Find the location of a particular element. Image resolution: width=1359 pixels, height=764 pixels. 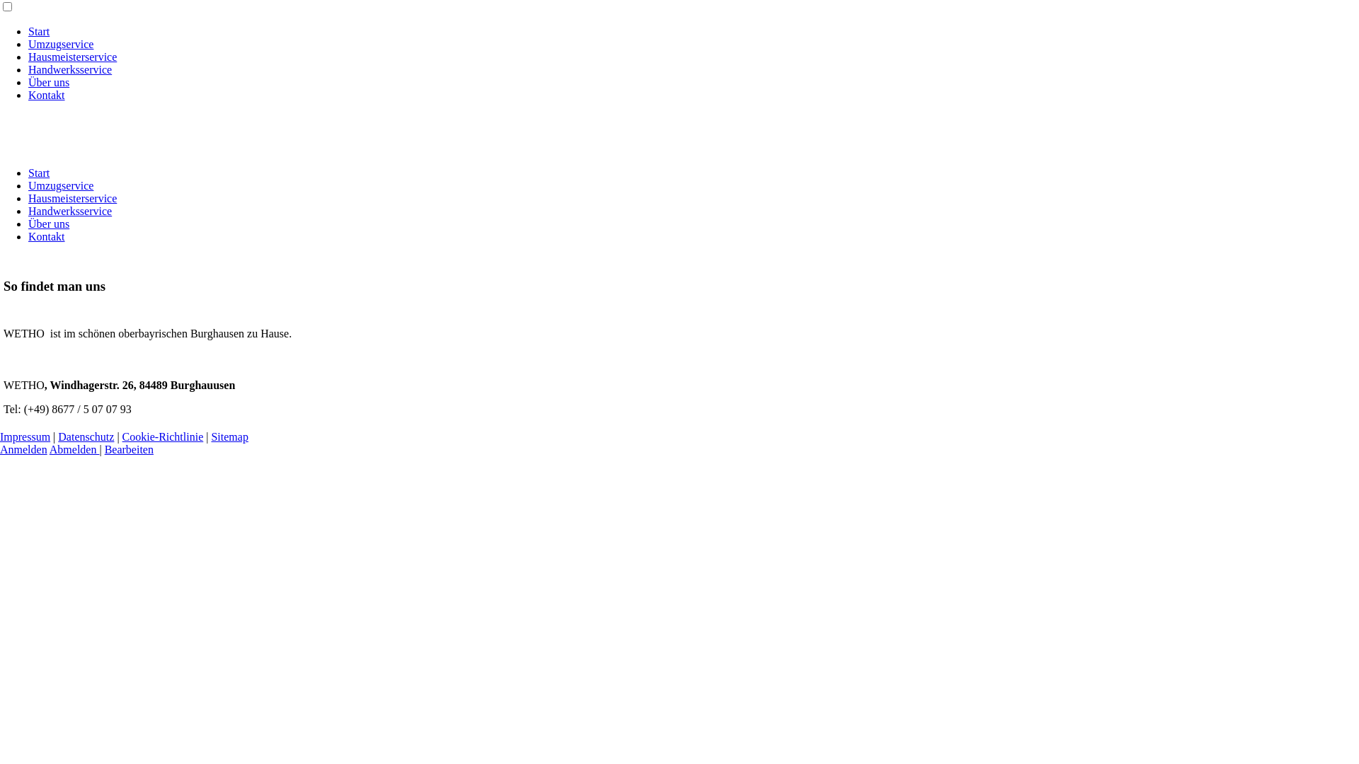

'Bearbeiten' is located at coordinates (129, 449).